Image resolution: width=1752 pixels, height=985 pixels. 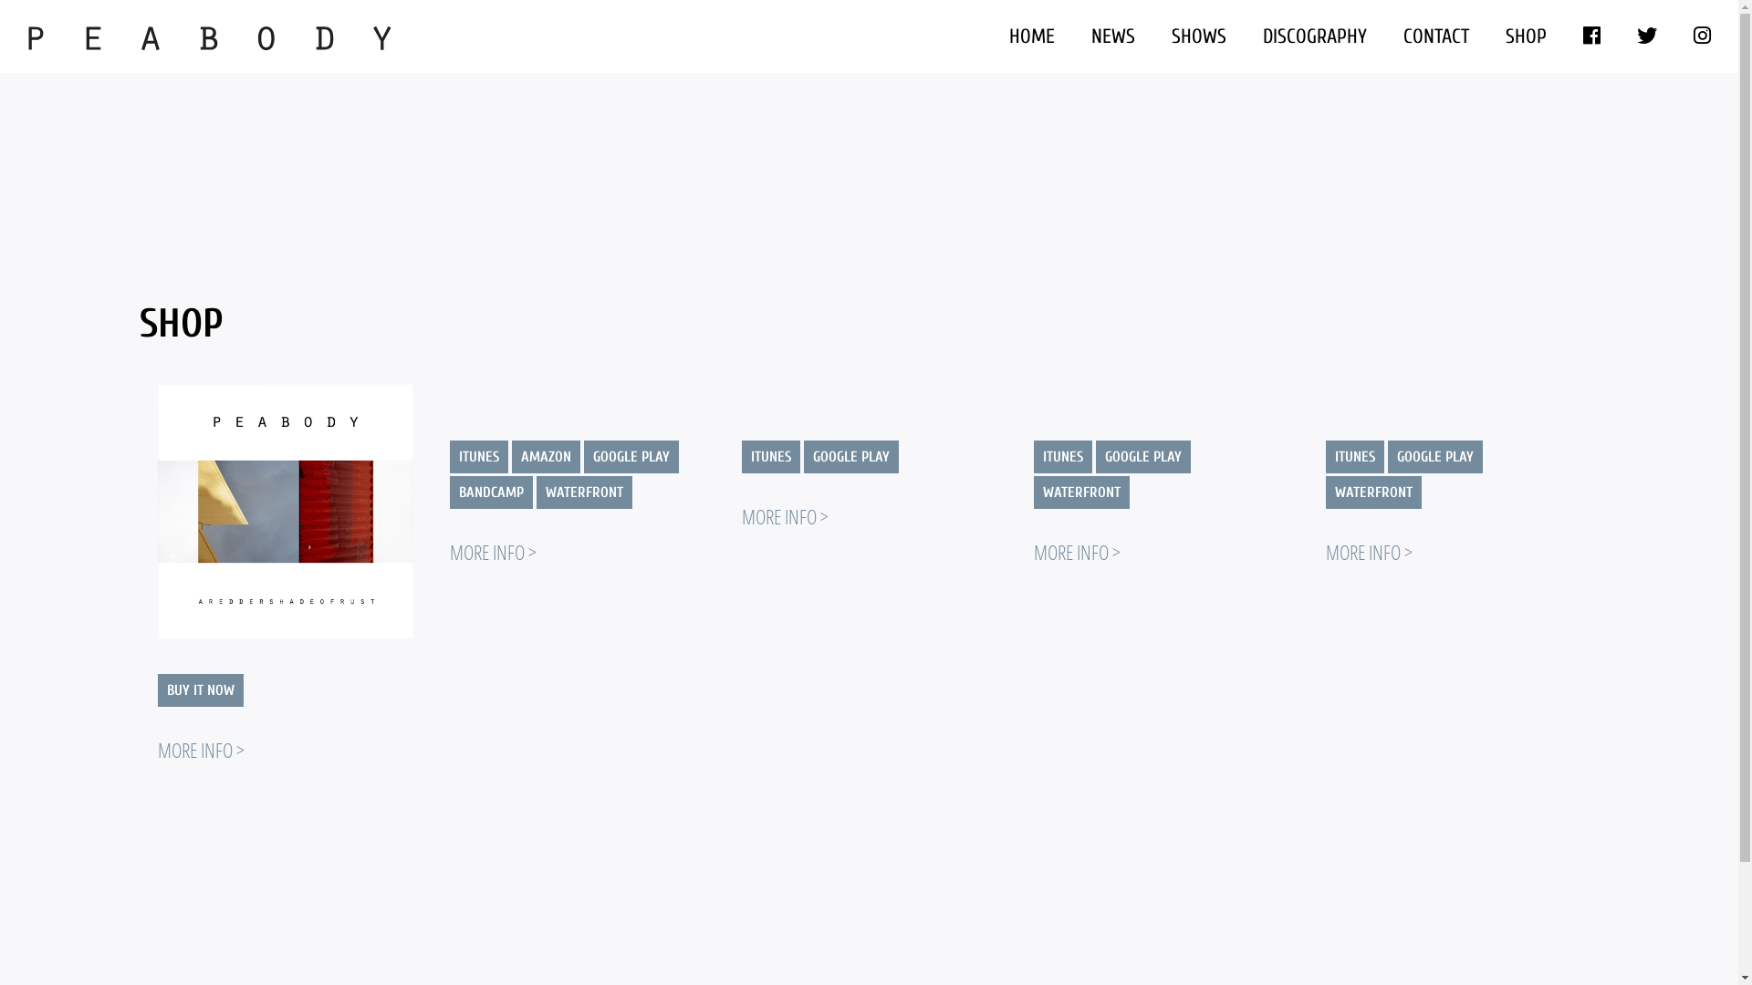 What do you see at coordinates (1387, 456) in the screenshot?
I see `'GOOGLE PLAY'` at bounding box center [1387, 456].